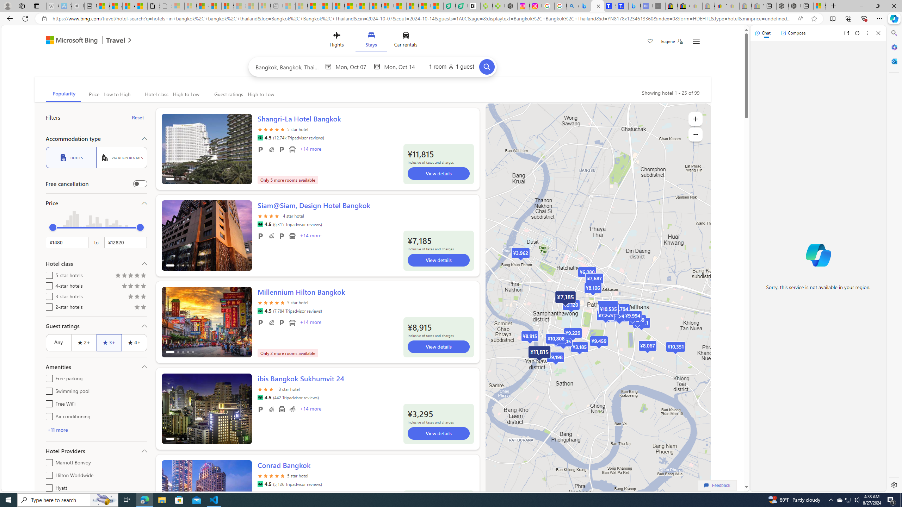  What do you see at coordinates (302, 6) in the screenshot?
I see `'Marine life - MSN - Sleeping'` at bounding box center [302, 6].